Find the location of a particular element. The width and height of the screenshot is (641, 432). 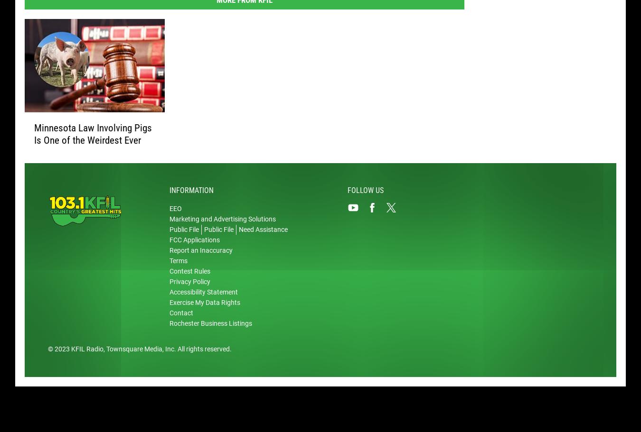

'Minnesota Law Involving Pigs Is One of the Weirdest Ever' is located at coordinates (93, 135).